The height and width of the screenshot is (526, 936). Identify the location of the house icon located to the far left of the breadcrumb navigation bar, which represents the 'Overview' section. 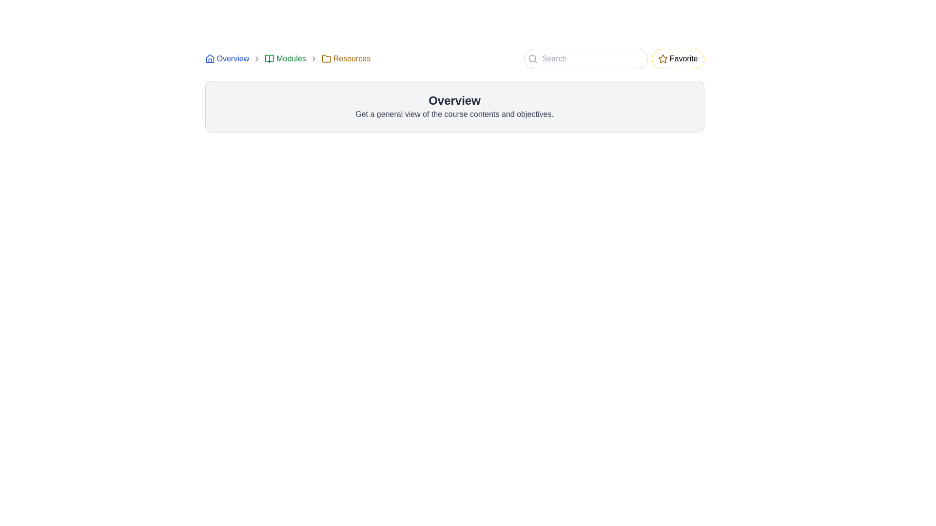
(209, 58).